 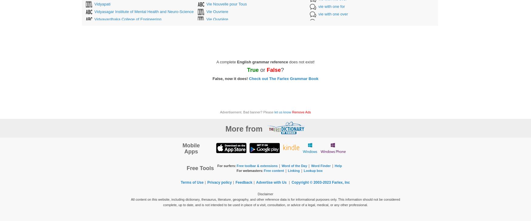 I want to click on 'Terms of Use', so click(x=191, y=182).